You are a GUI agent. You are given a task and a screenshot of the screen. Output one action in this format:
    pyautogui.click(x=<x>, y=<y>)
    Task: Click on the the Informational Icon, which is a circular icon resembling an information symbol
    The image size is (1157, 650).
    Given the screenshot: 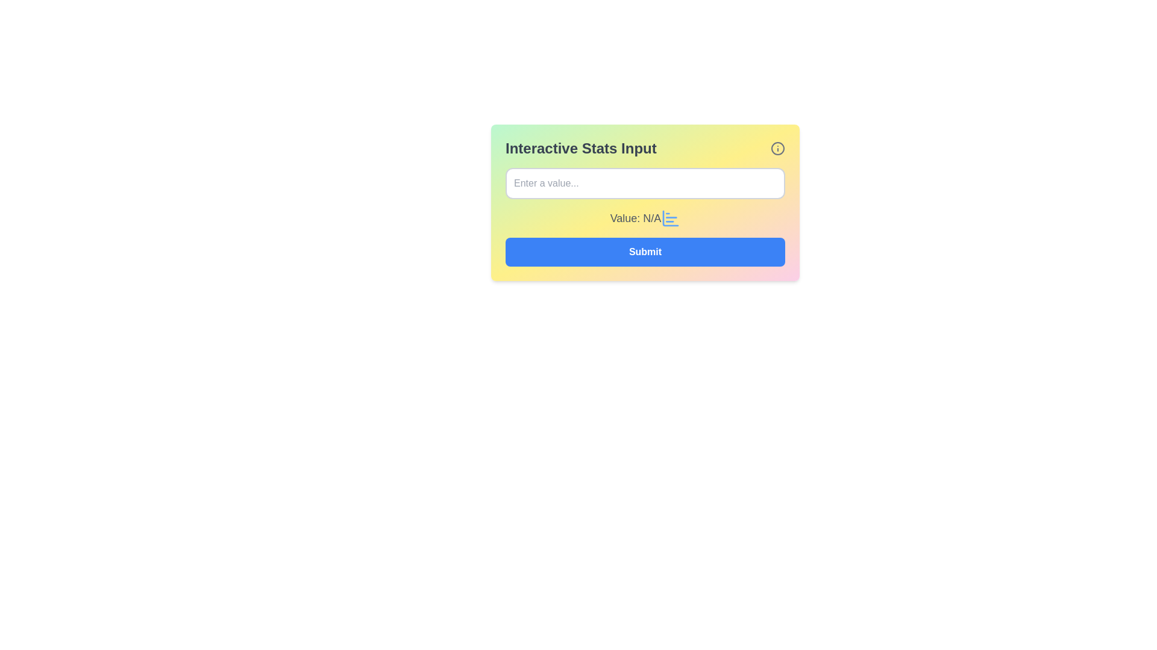 What is the action you would take?
    pyautogui.click(x=778, y=147)
    